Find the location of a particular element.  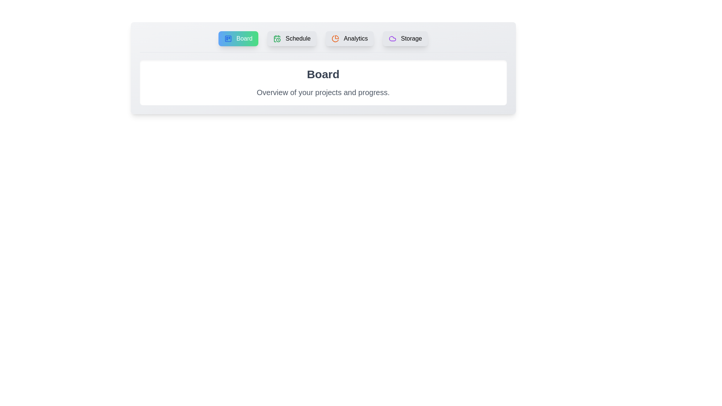

the tab labeled Schedule to observe its hover effect is located at coordinates (292, 39).